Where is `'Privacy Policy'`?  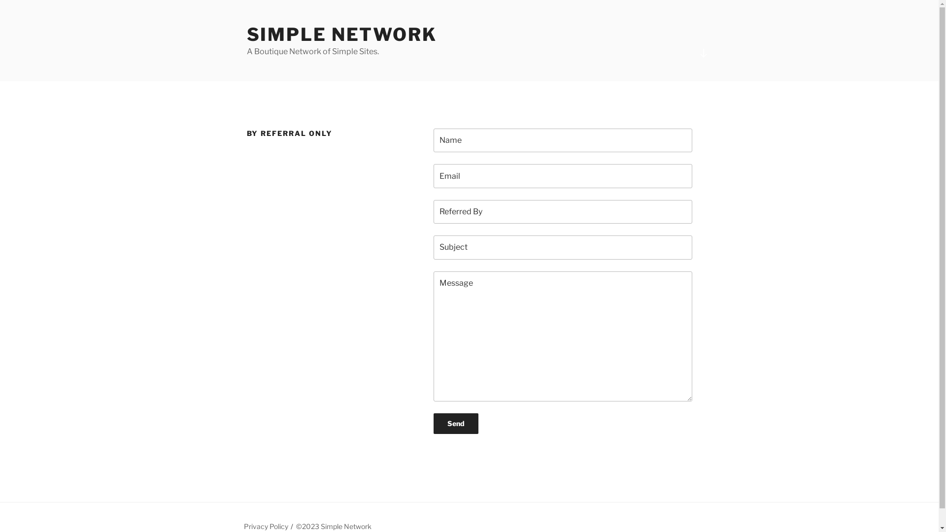
'Privacy Policy' is located at coordinates (243, 526).